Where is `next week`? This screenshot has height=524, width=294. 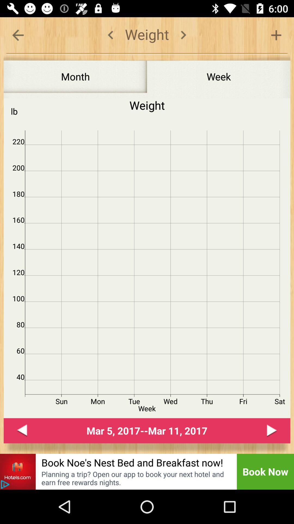 next week is located at coordinates (272, 430).